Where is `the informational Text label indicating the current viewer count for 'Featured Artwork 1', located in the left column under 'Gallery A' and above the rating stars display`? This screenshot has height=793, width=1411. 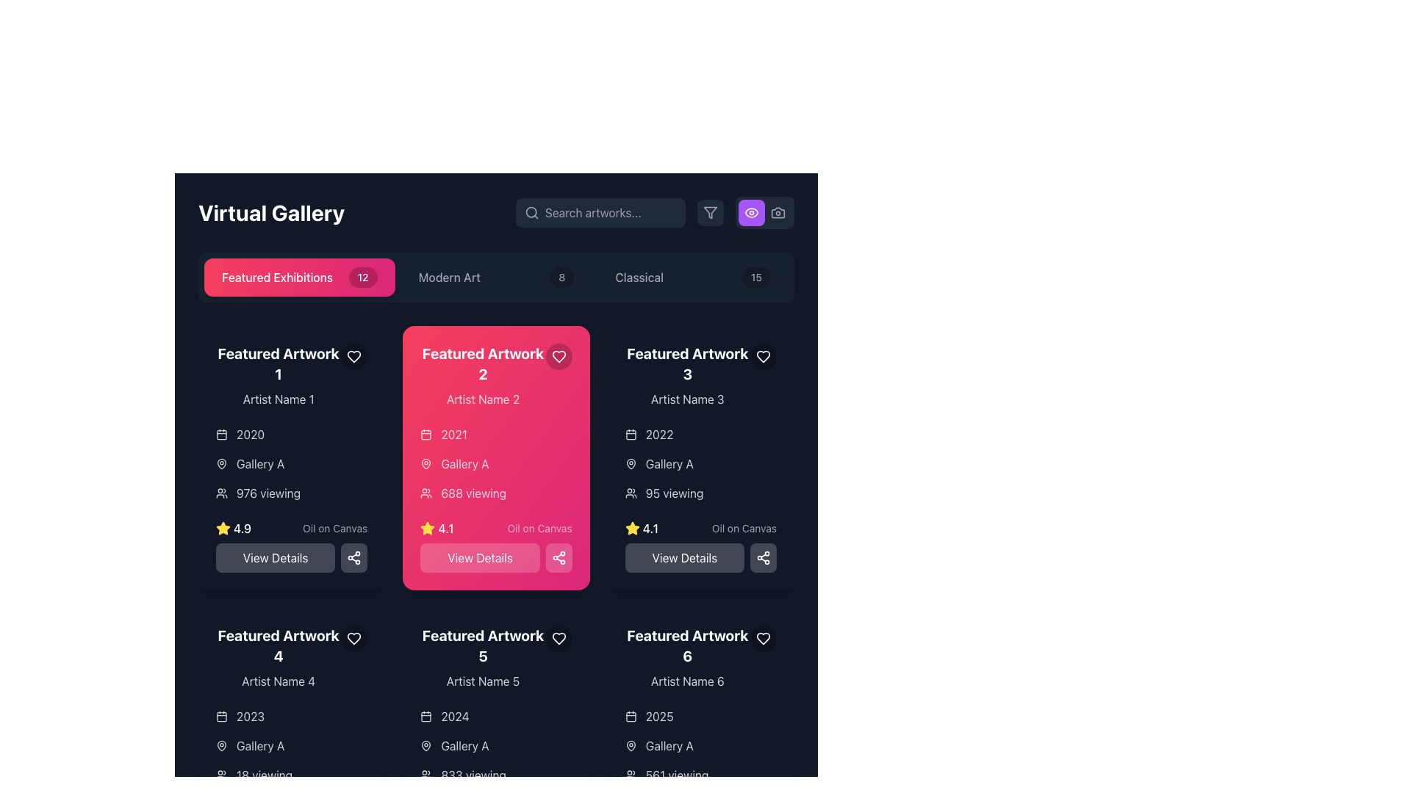
the informational Text label indicating the current viewer count for 'Featured Artwork 1', located in the left column under 'Gallery A' and above the rating stars display is located at coordinates (292, 493).